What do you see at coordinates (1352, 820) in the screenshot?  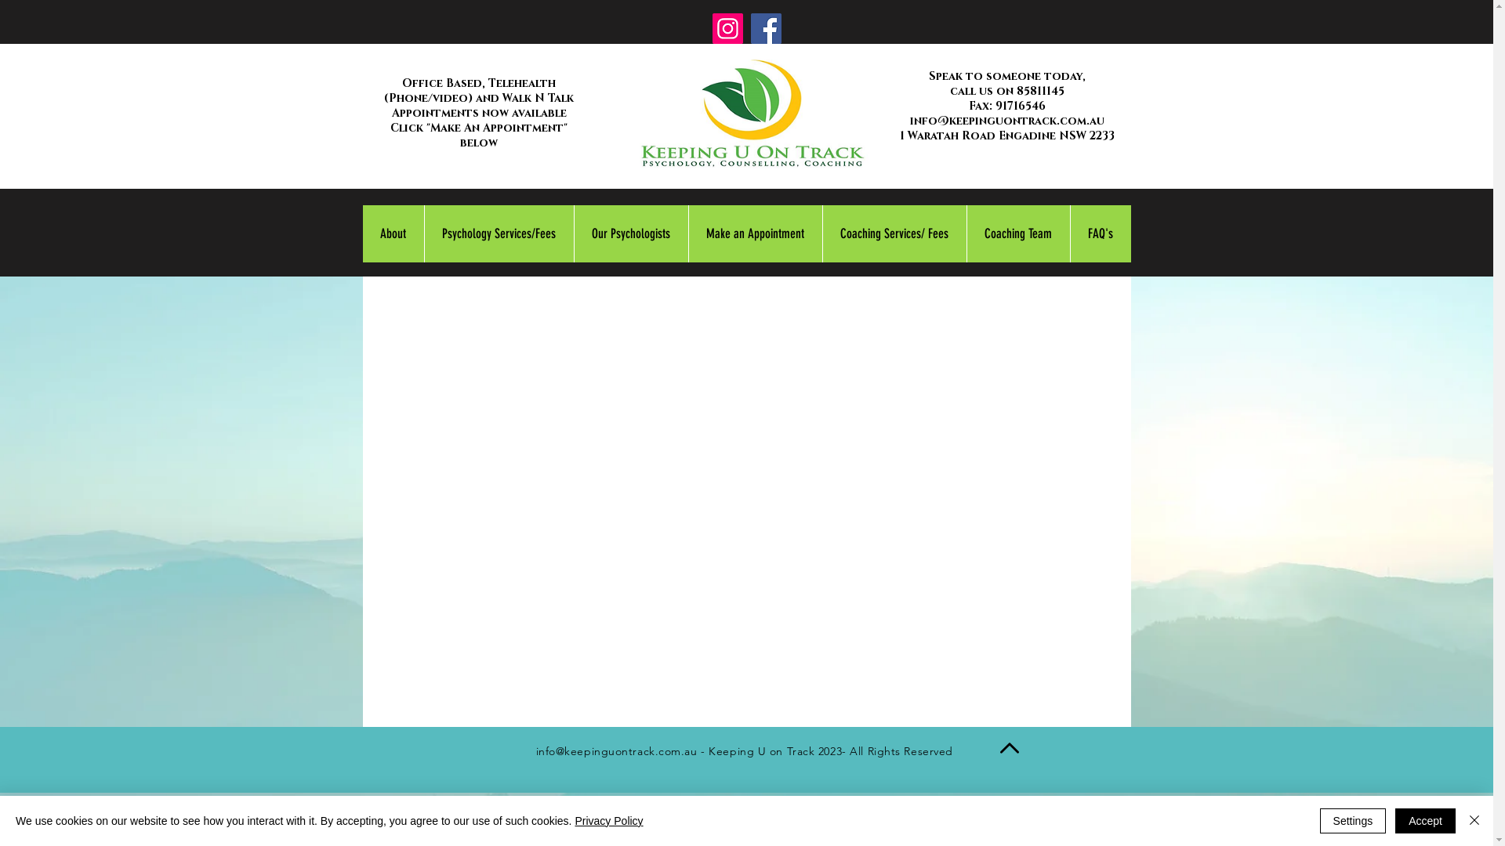 I see `'Settings'` at bounding box center [1352, 820].